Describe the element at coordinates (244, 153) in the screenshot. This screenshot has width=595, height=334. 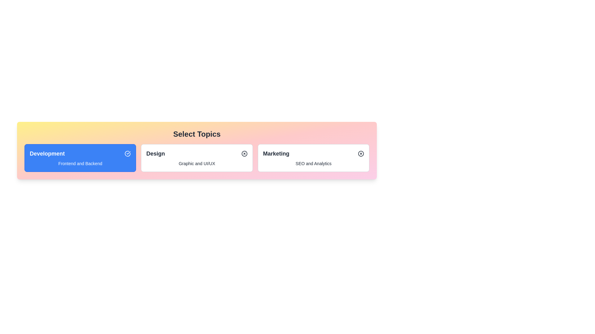
I see `the icon within the chip labeled 'Design' to toggle its state` at that location.